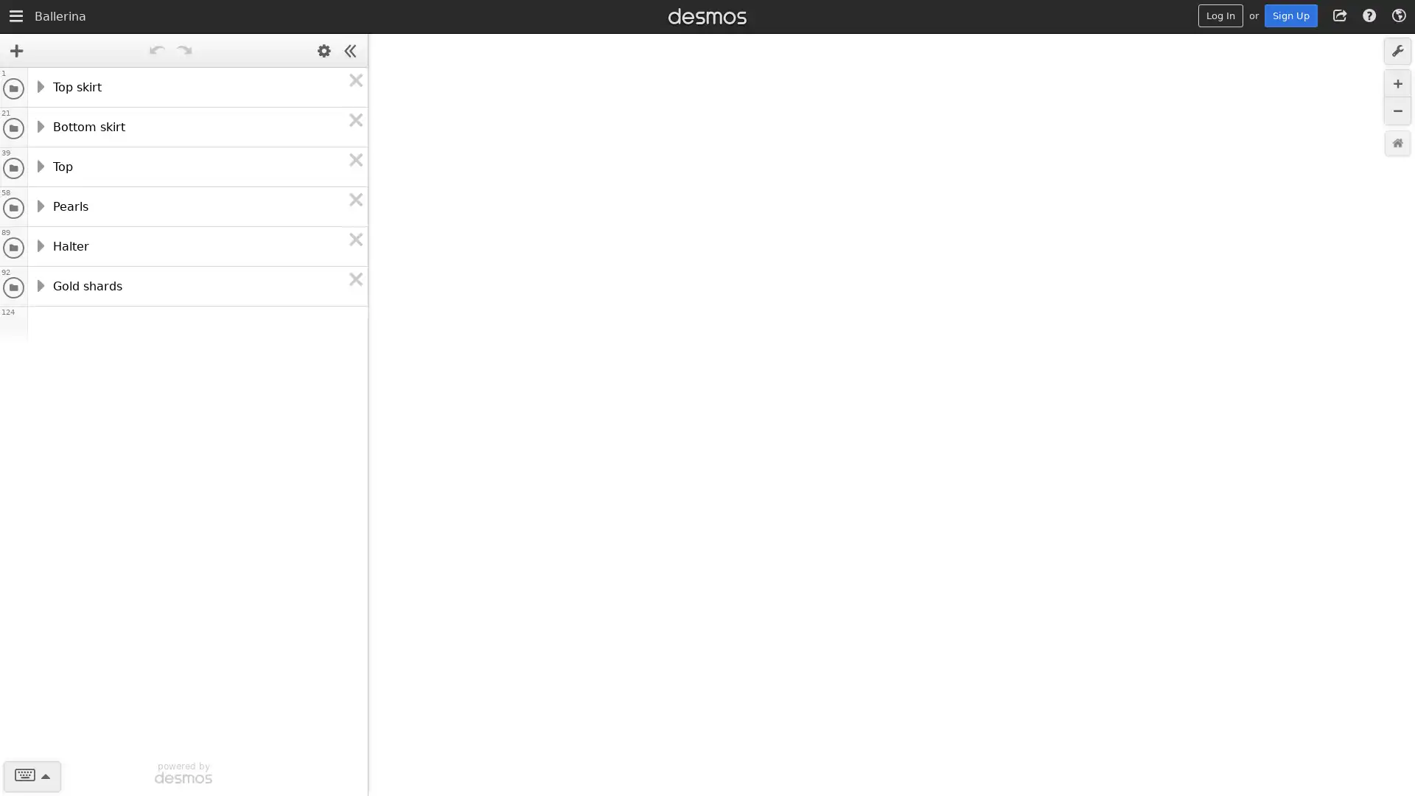  Describe the element at coordinates (39, 124) in the screenshot. I see `Collapse Folder` at that location.